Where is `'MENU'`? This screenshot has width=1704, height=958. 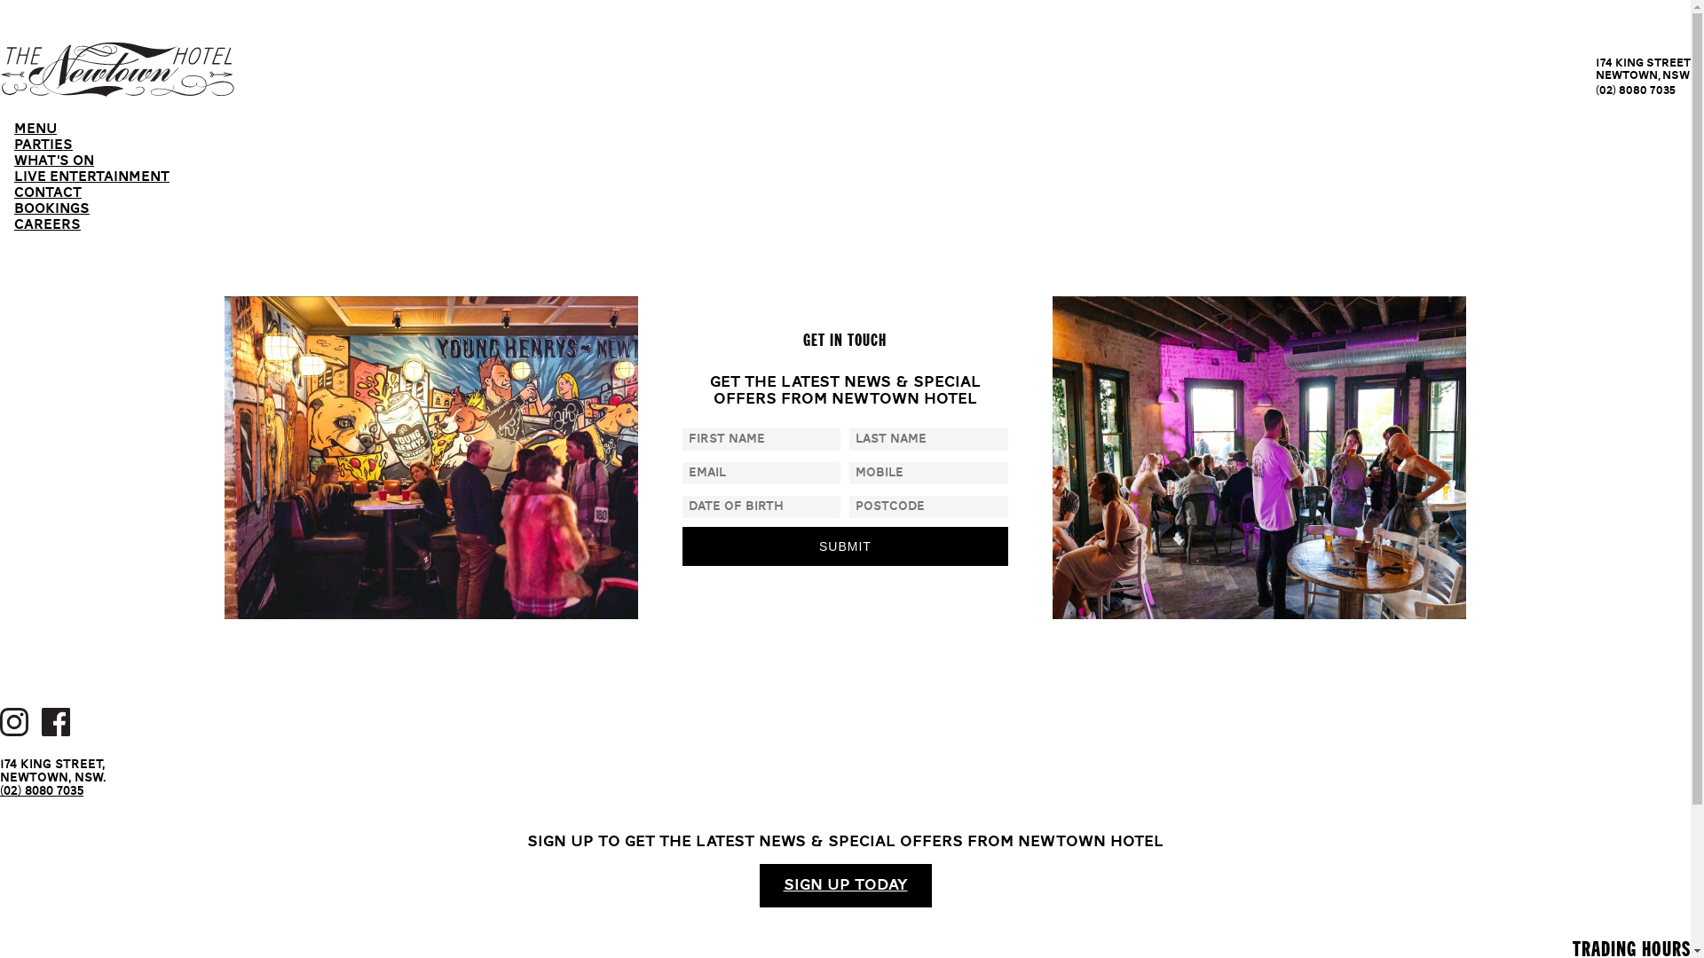 'MENU' is located at coordinates (35, 129).